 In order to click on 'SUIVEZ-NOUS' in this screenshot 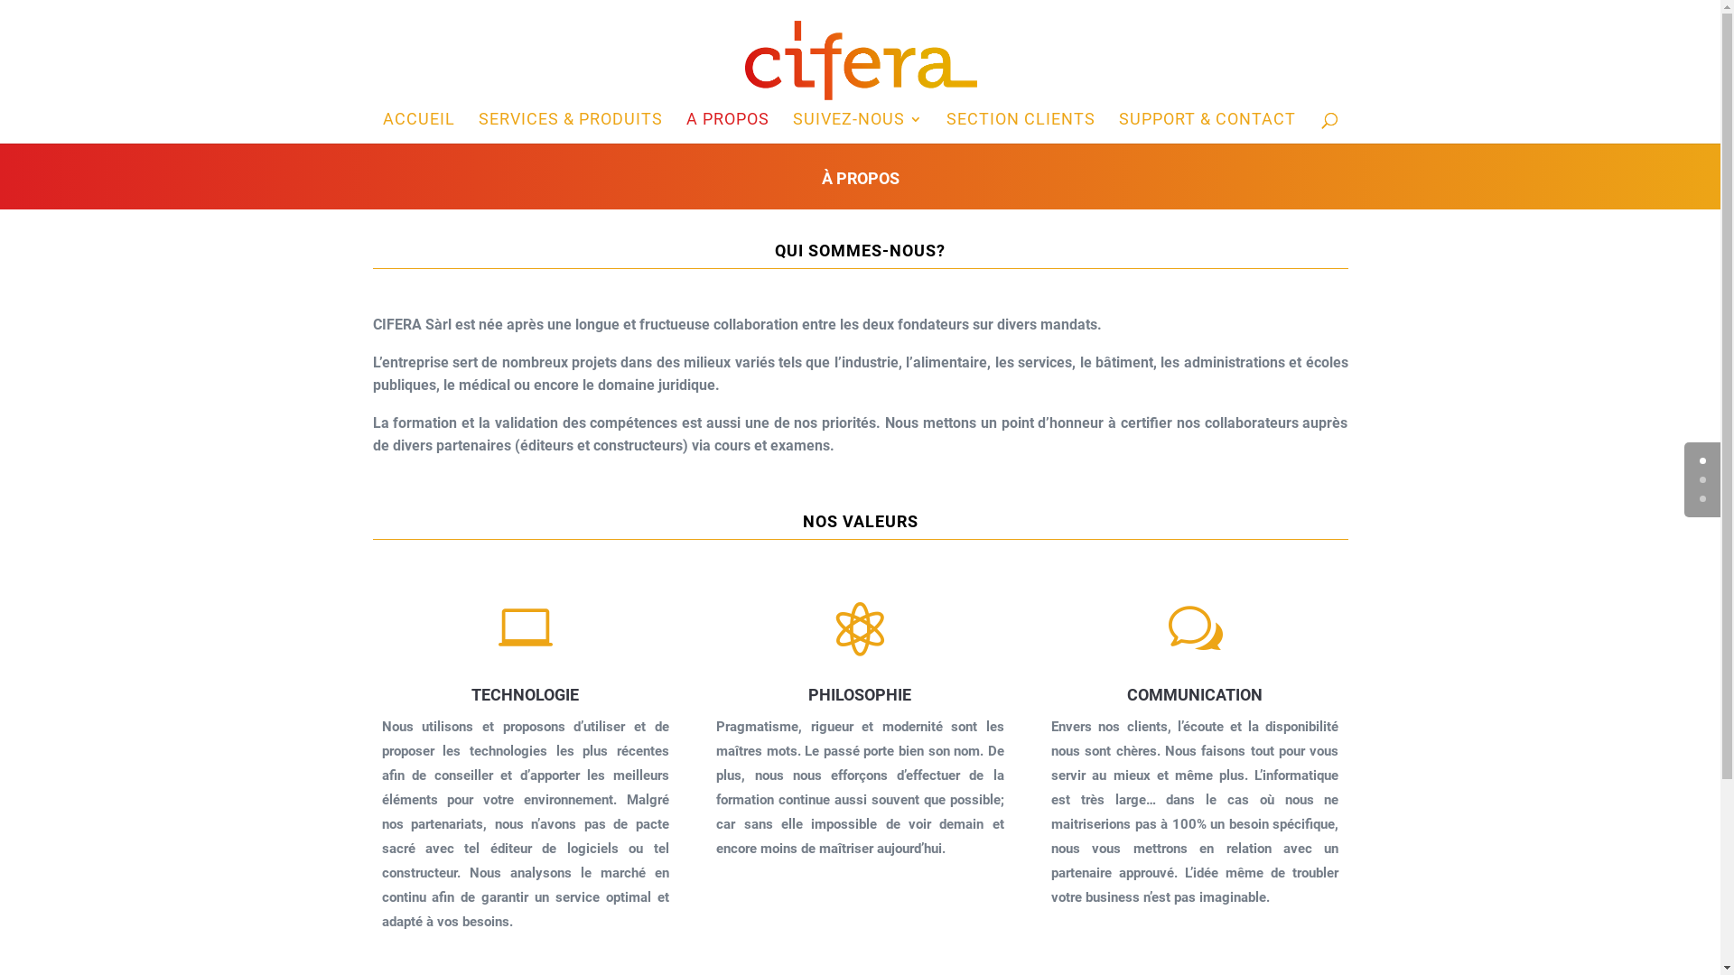, I will do `click(857, 127)`.